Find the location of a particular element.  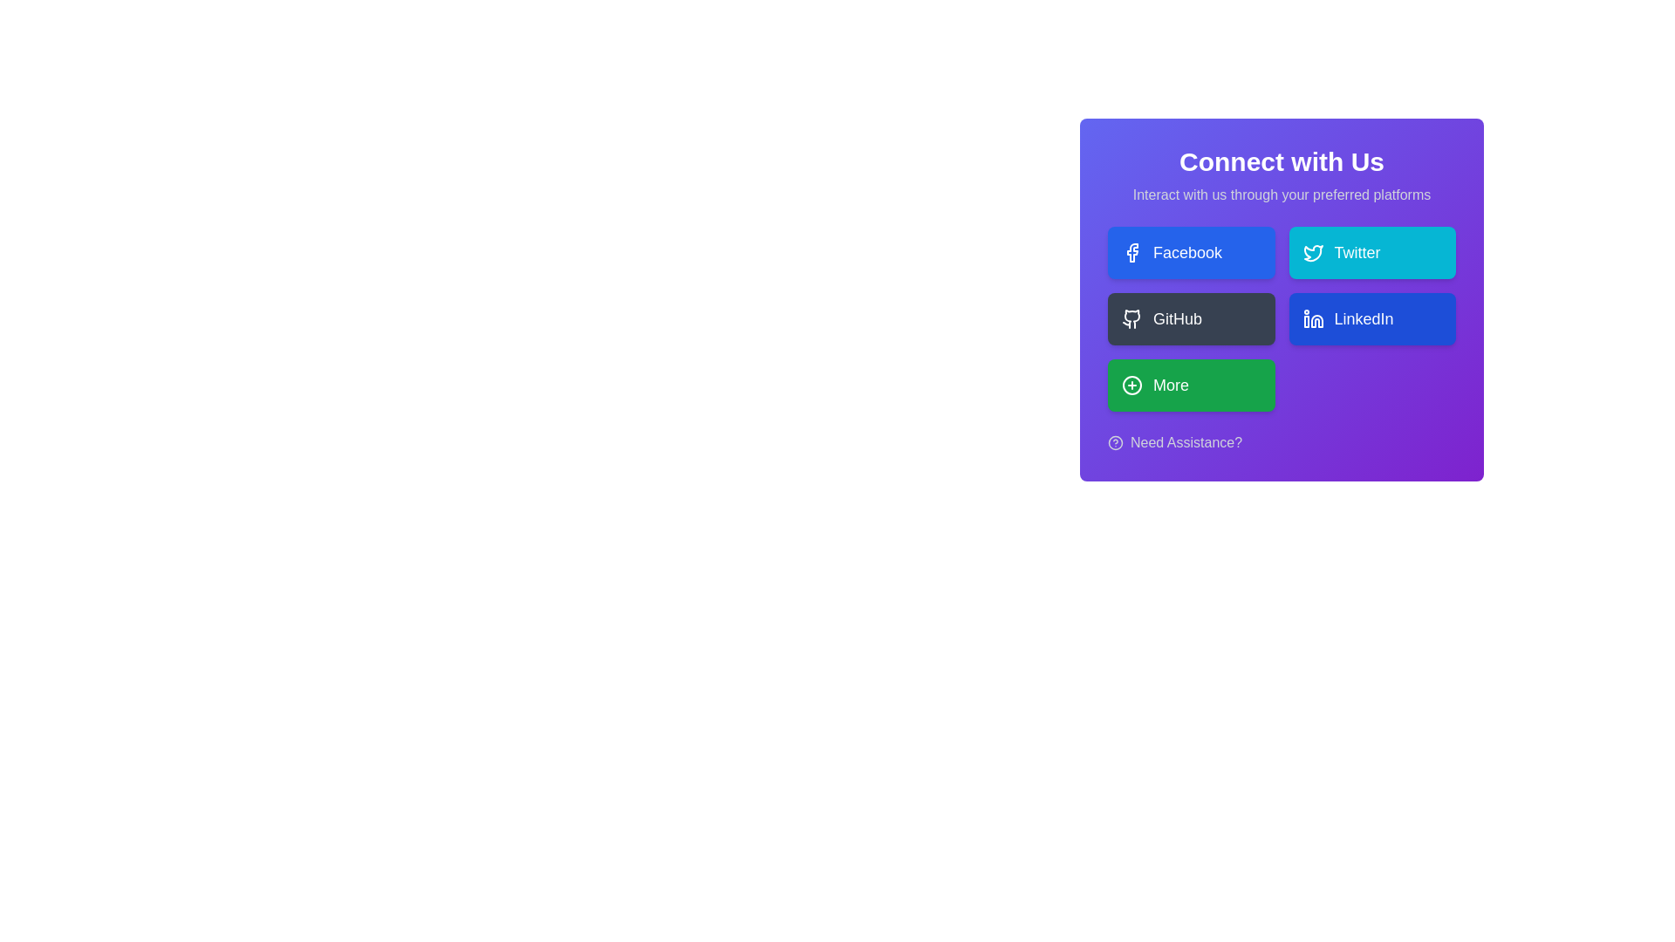

the Facebook interaction button located in the top-left slot of the grid layout within the card is located at coordinates (1190, 252).